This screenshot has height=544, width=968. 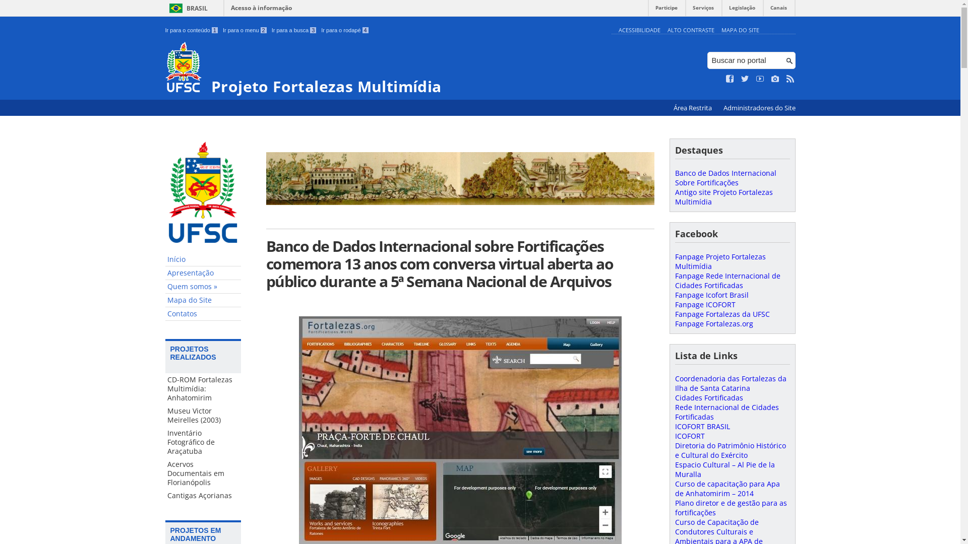 What do you see at coordinates (745, 79) in the screenshot?
I see `'Siga no Twitter'` at bounding box center [745, 79].